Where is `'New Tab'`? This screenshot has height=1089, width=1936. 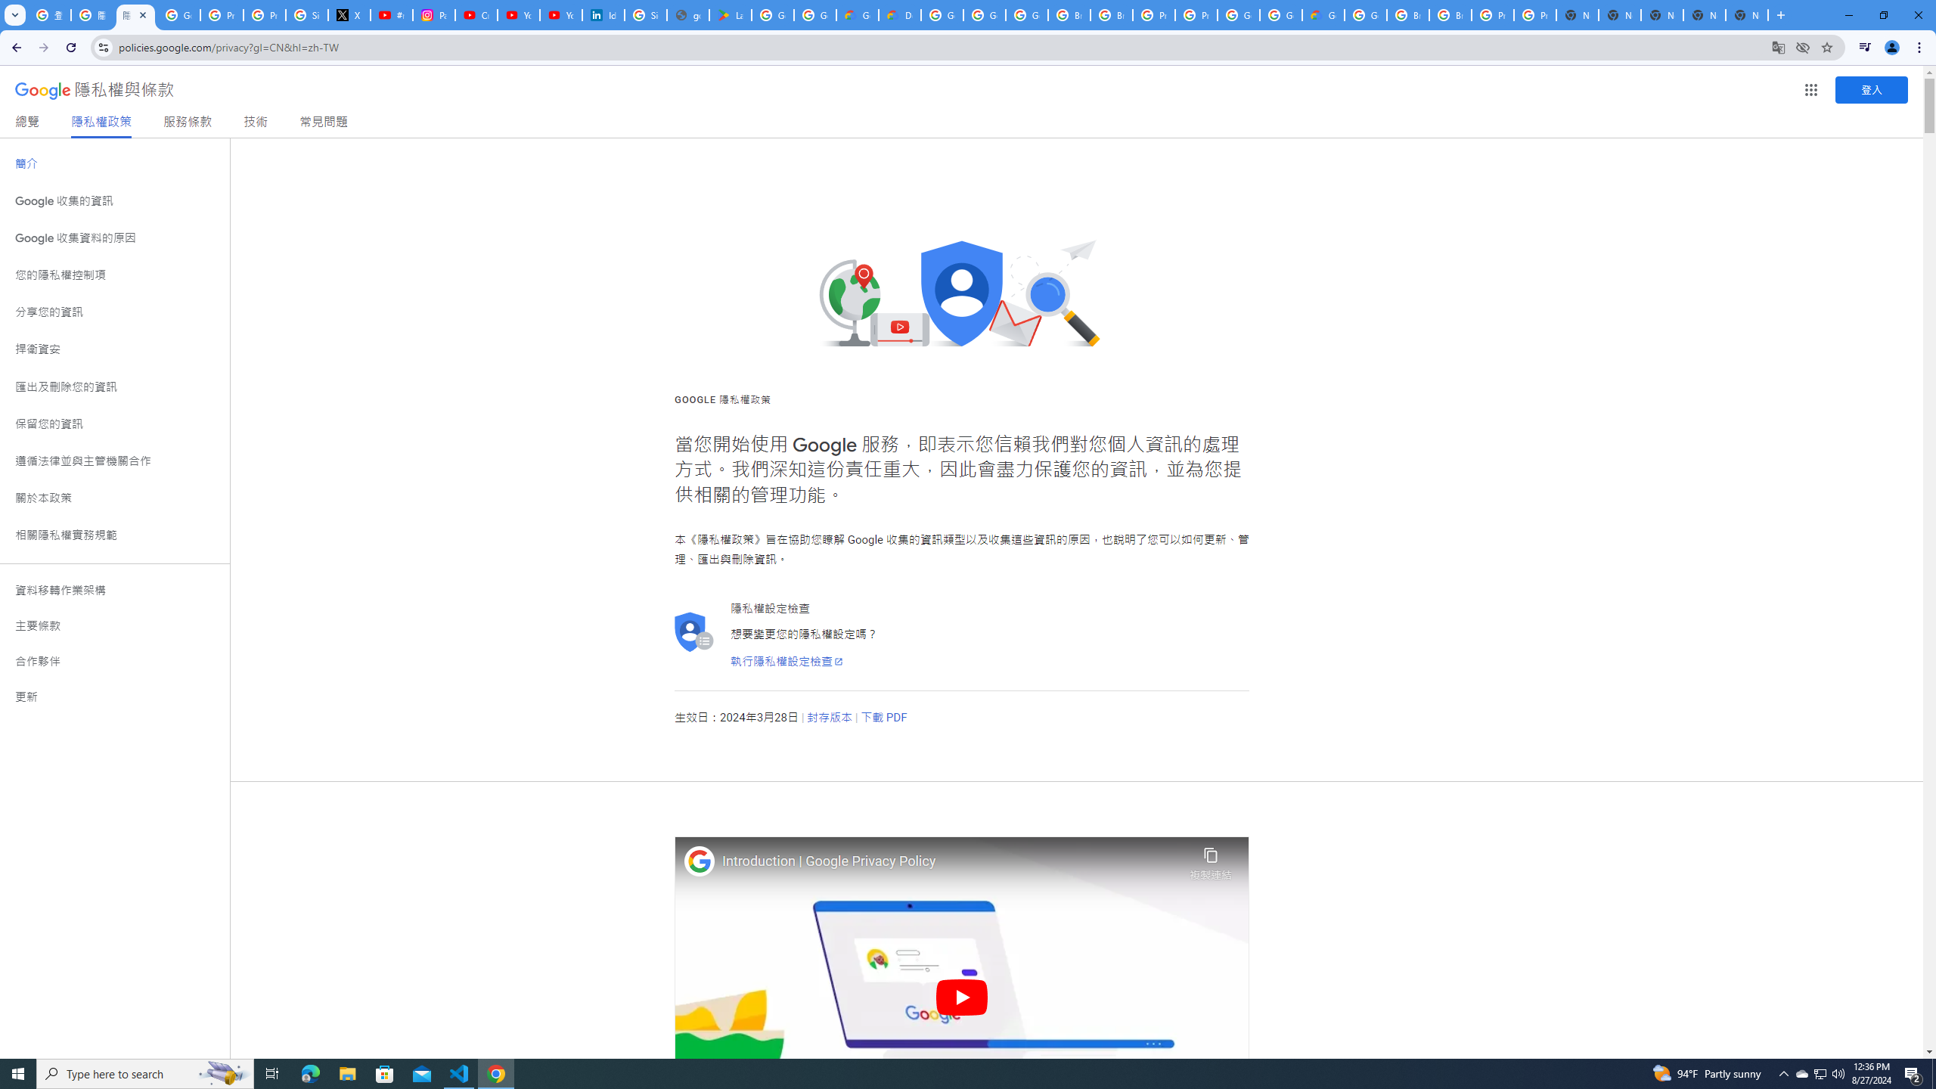 'New Tab' is located at coordinates (1747, 14).